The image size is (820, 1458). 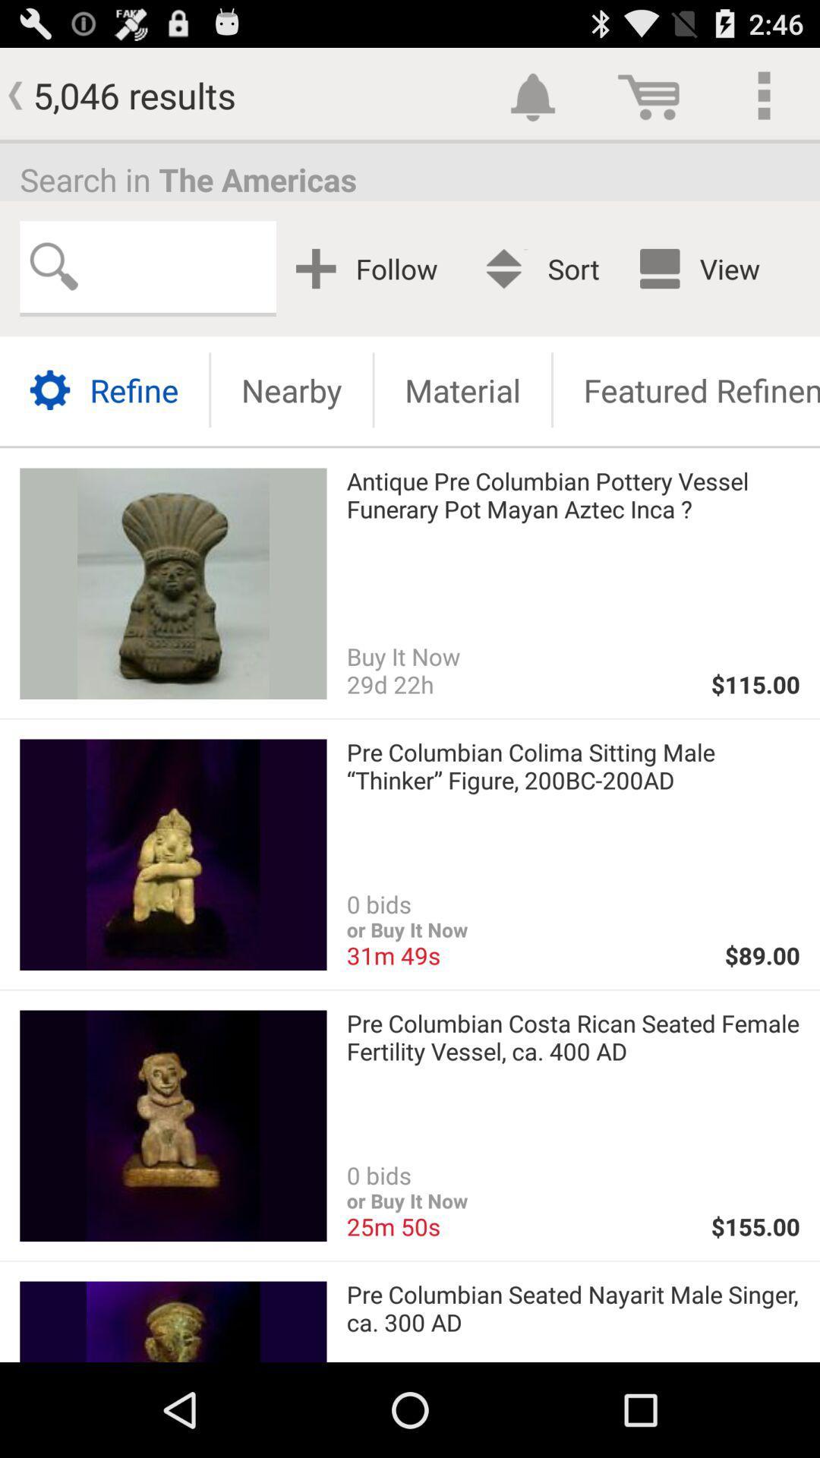 What do you see at coordinates (292, 390) in the screenshot?
I see `nearby icon` at bounding box center [292, 390].